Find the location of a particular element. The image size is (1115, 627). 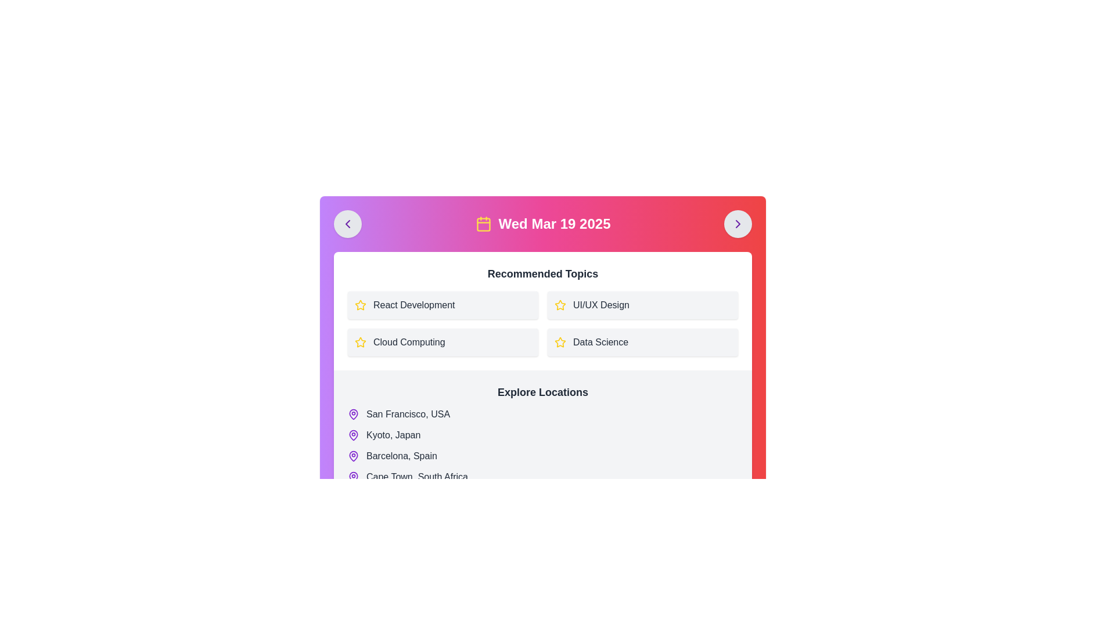

the purple map pin icon located to the left of the 'San Francisco, USA' label, which is the larger part of the two-part icon is located at coordinates (353, 413).